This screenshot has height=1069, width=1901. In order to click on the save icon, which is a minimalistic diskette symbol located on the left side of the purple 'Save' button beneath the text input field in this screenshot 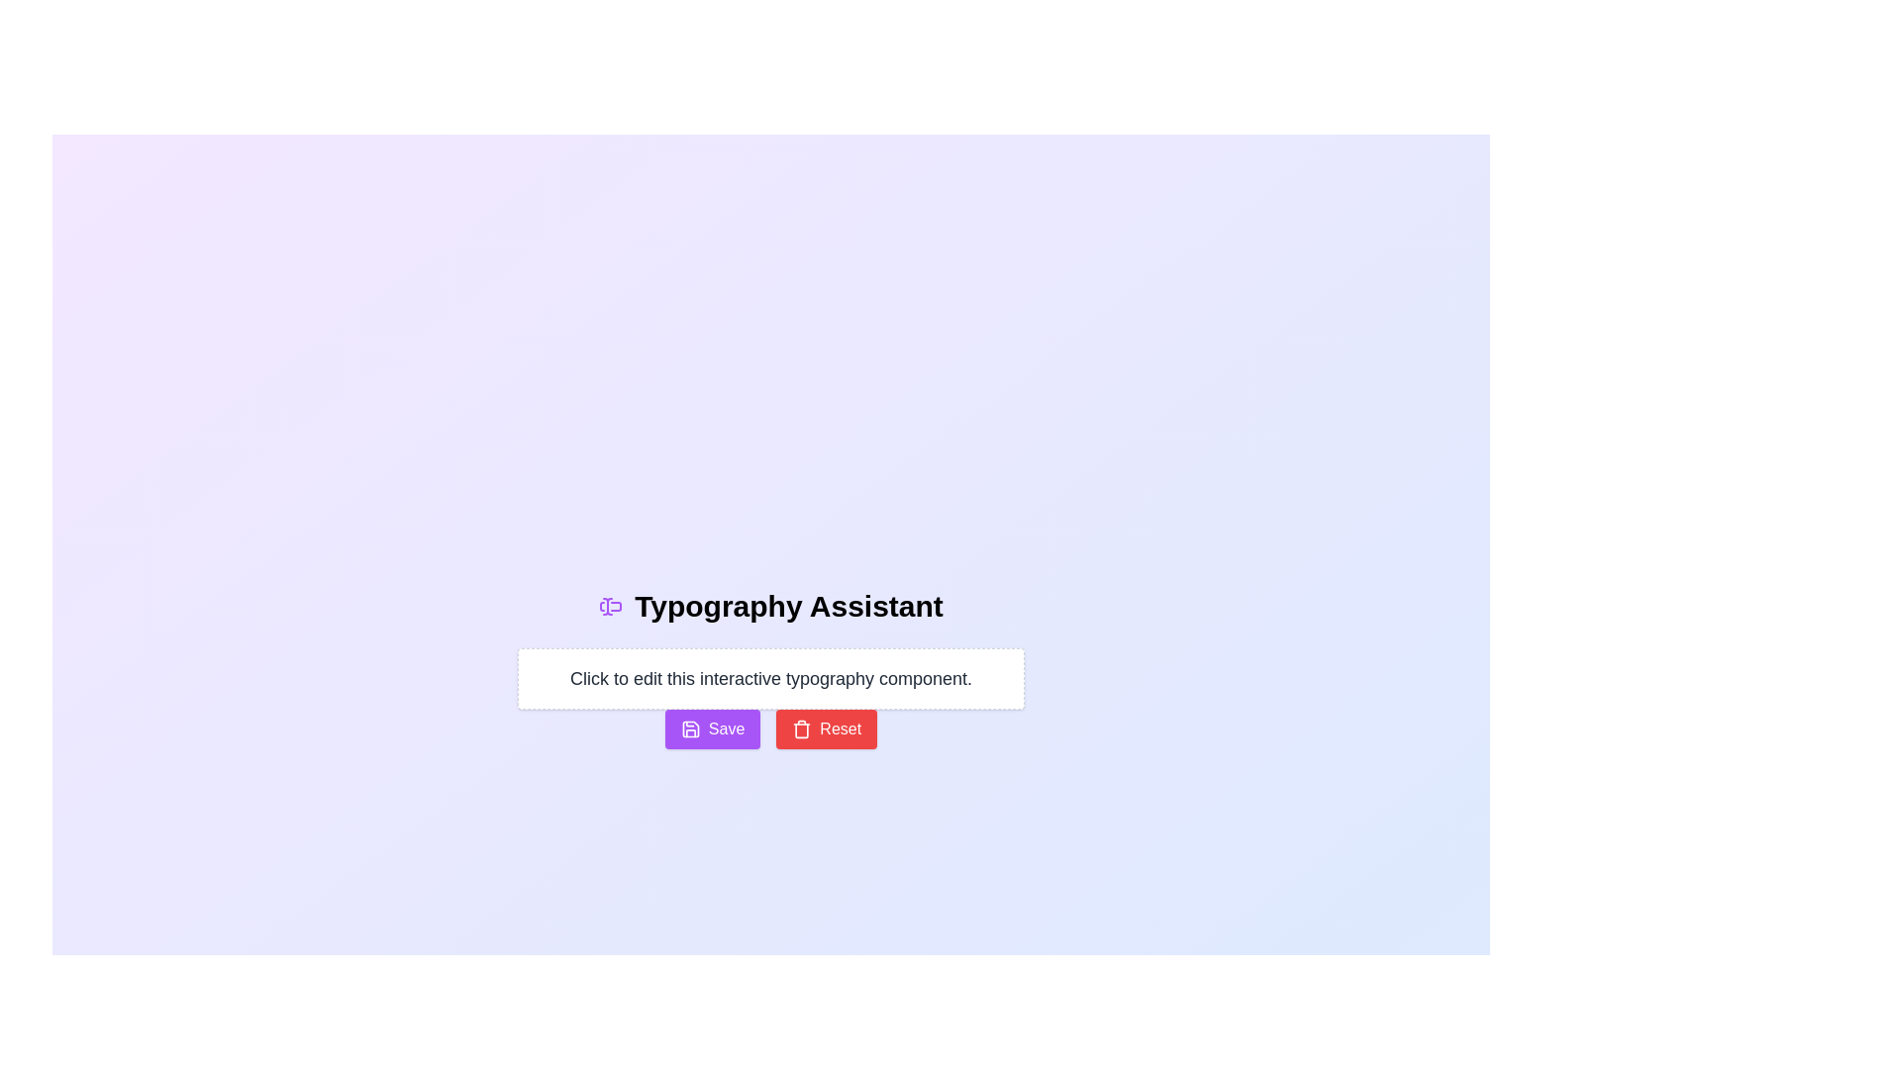, I will do `click(690, 729)`.